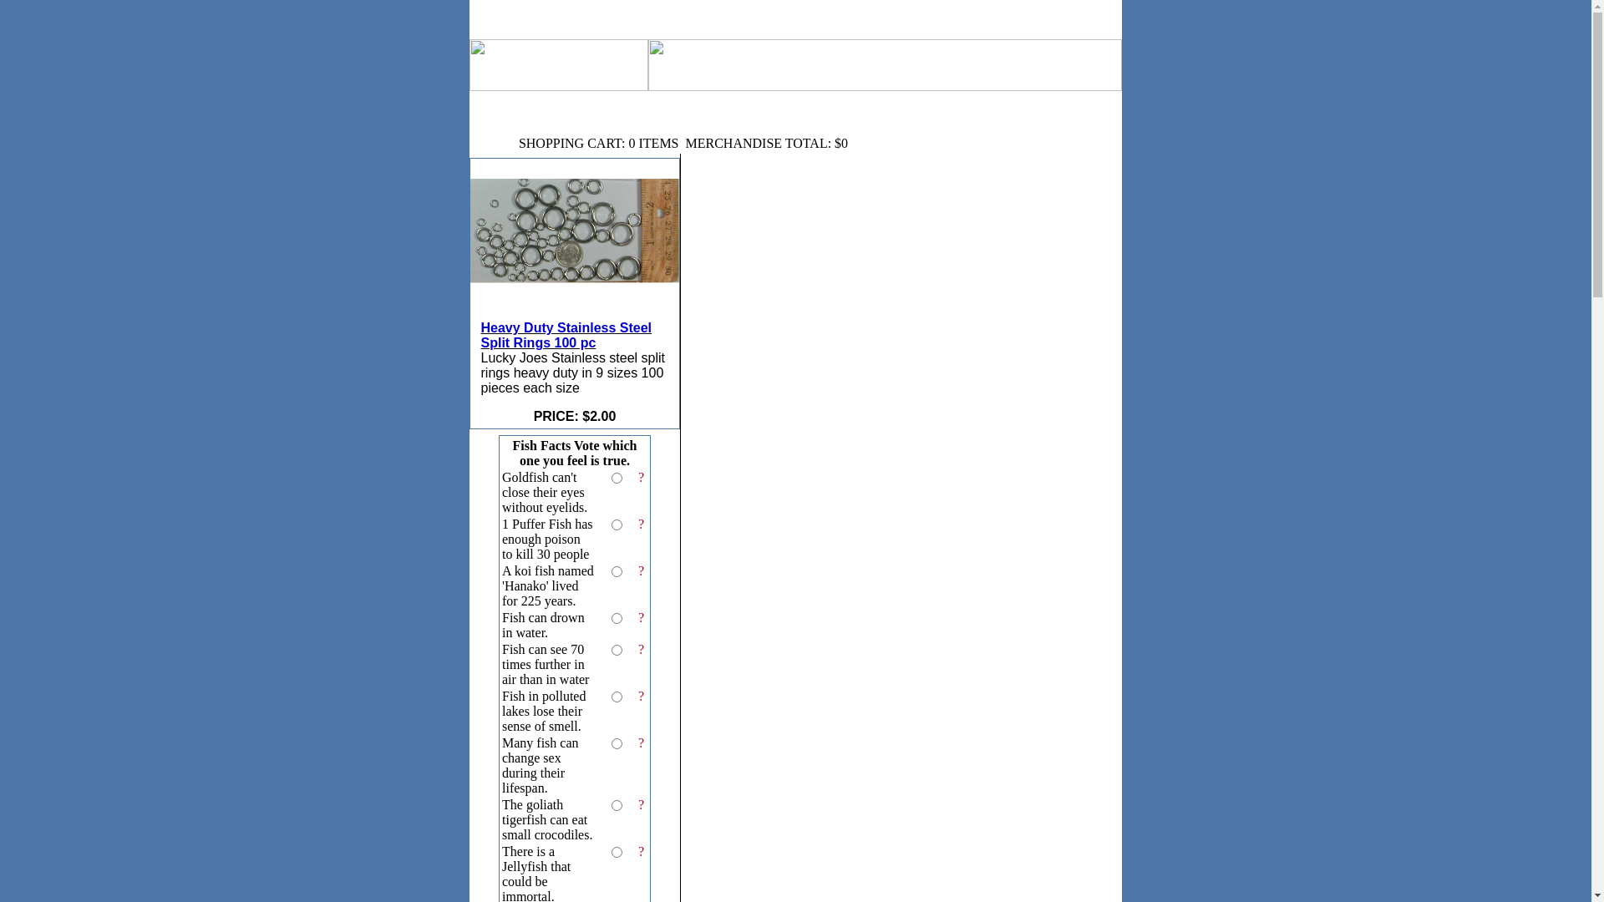 The width and height of the screenshot is (1604, 902). Describe the element at coordinates (574, 316) in the screenshot. I see `'Heavy Duty Stainless Steel Split Rings 100 pc'` at that location.